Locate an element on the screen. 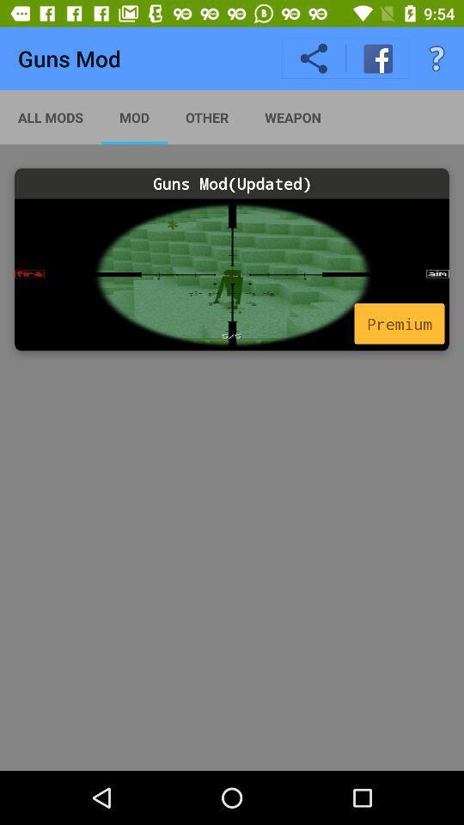 Image resolution: width=464 pixels, height=825 pixels. the app to the right of mod item is located at coordinates (207, 116).